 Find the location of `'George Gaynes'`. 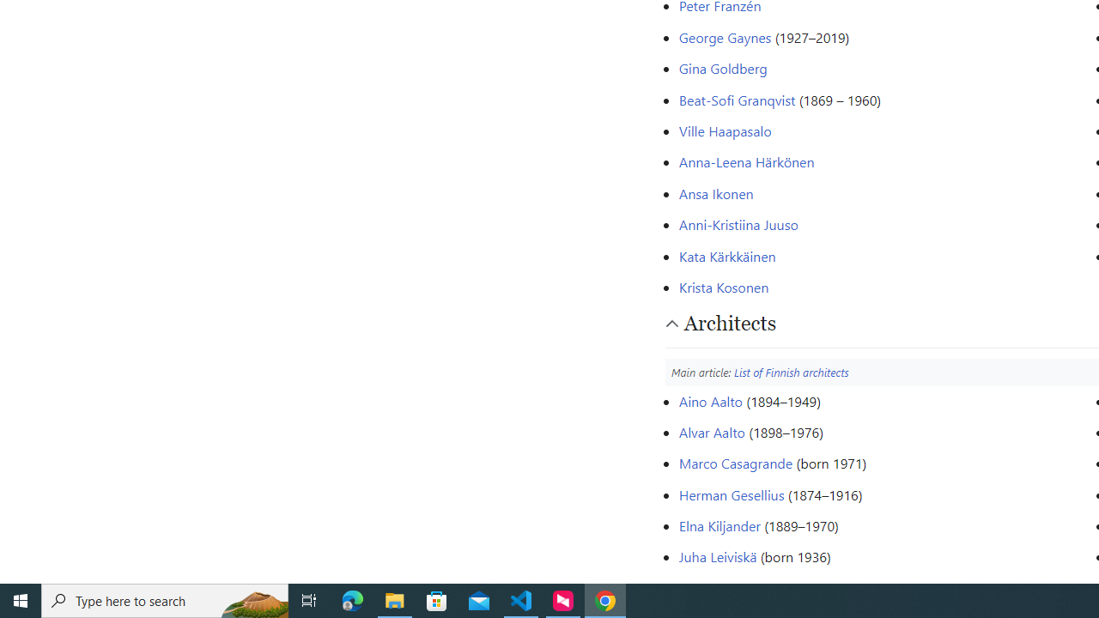

'George Gaynes' is located at coordinates (725, 36).